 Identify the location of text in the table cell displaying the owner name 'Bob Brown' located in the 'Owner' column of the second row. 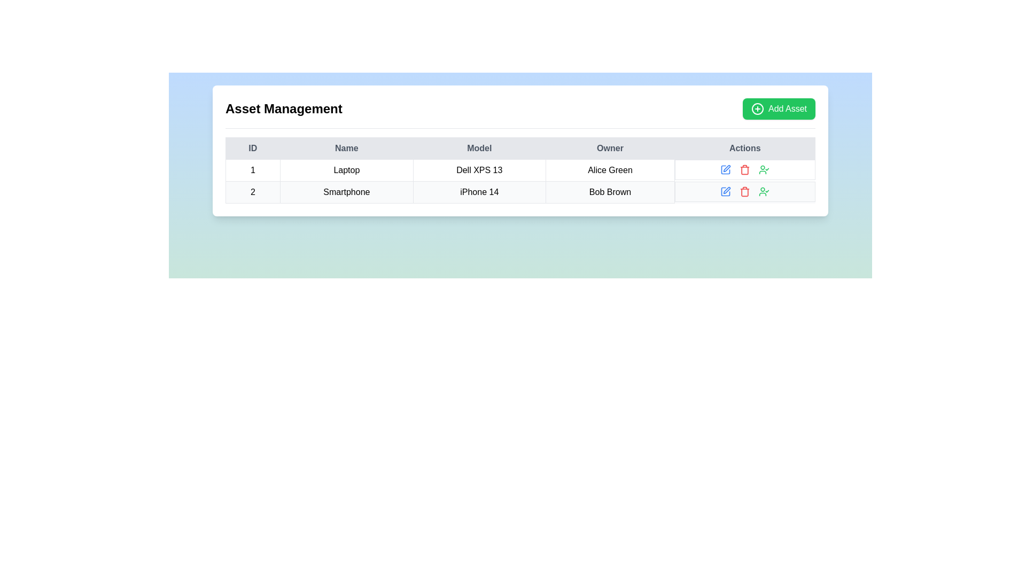
(610, 191).